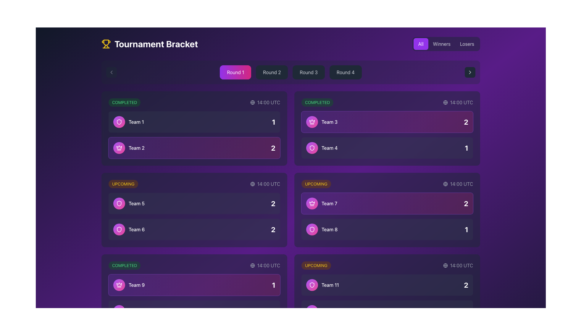  I want to click on the large white number '1' displayed in bold on a gradient background within the 'Team 9' card, so click(273, 284).